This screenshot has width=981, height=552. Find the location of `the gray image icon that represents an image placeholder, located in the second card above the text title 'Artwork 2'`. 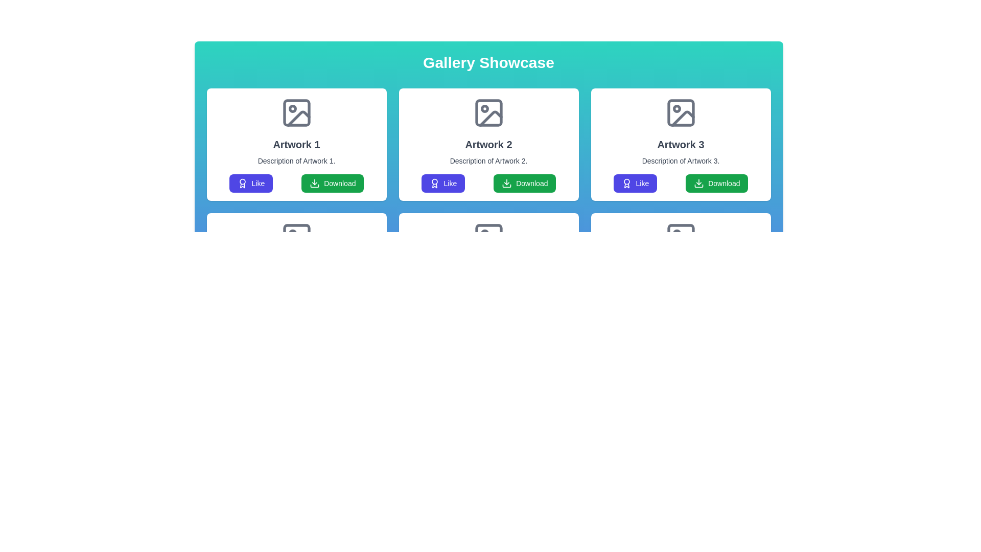

the gray image icon that represents an image placeholder, located in the second card above the text title 'Artwork 2' is located at coordinates (488, 112).